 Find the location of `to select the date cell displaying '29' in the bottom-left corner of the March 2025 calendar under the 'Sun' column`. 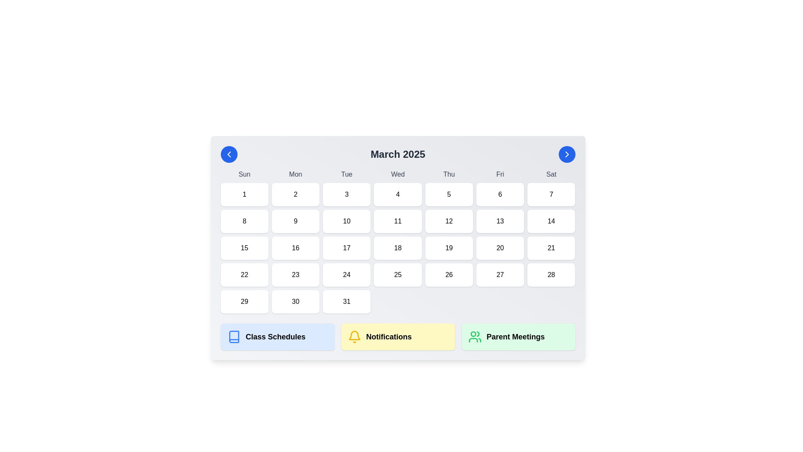

to select the date cell displaying '29' in the bottom-left corner of the March 2025 calendar under the 'Sun' column is located at coordinates (244, 302).